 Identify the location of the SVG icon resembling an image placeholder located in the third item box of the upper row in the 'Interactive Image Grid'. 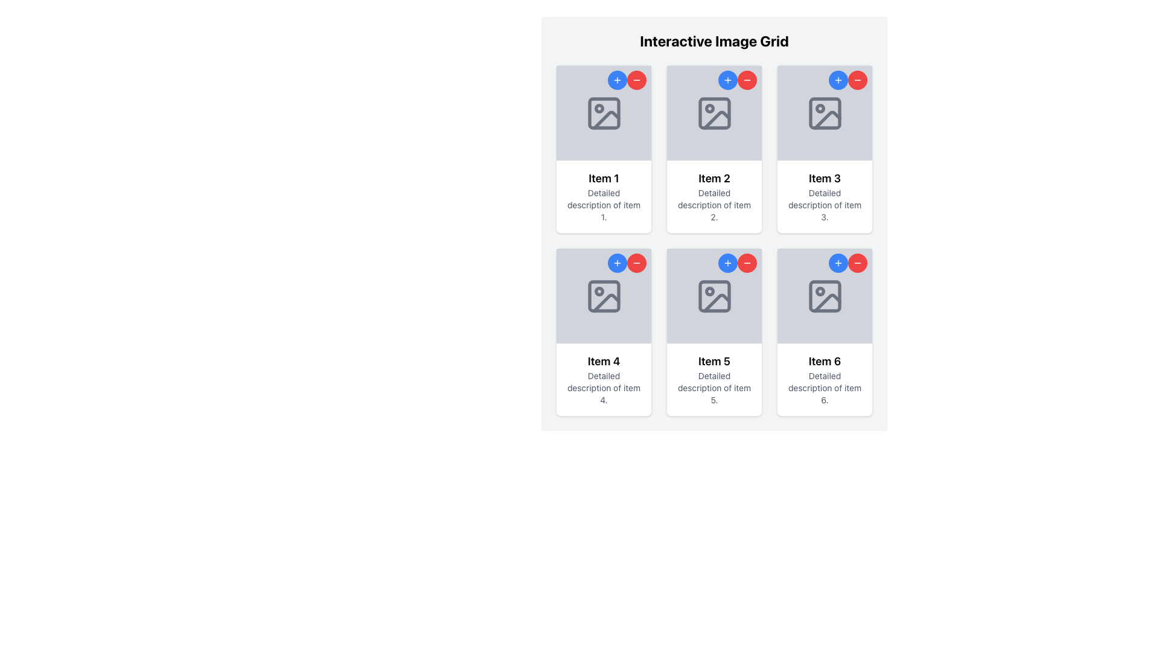
(824, 113).